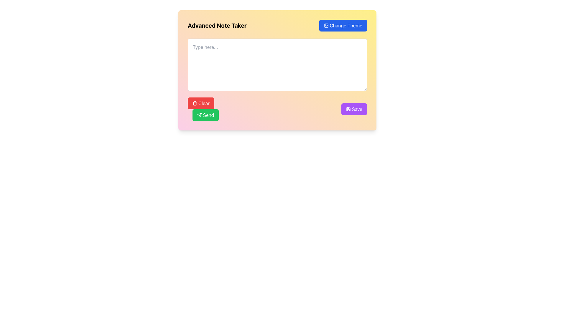 The image size is (566, 318). What do you see at coordinates (343, 25) in the screenshot?
I see `the 'Change Theme' button, which is a horizontally rectangular button with a blue background and white text, located in the header section of the card` at bounding box center [343, 25].